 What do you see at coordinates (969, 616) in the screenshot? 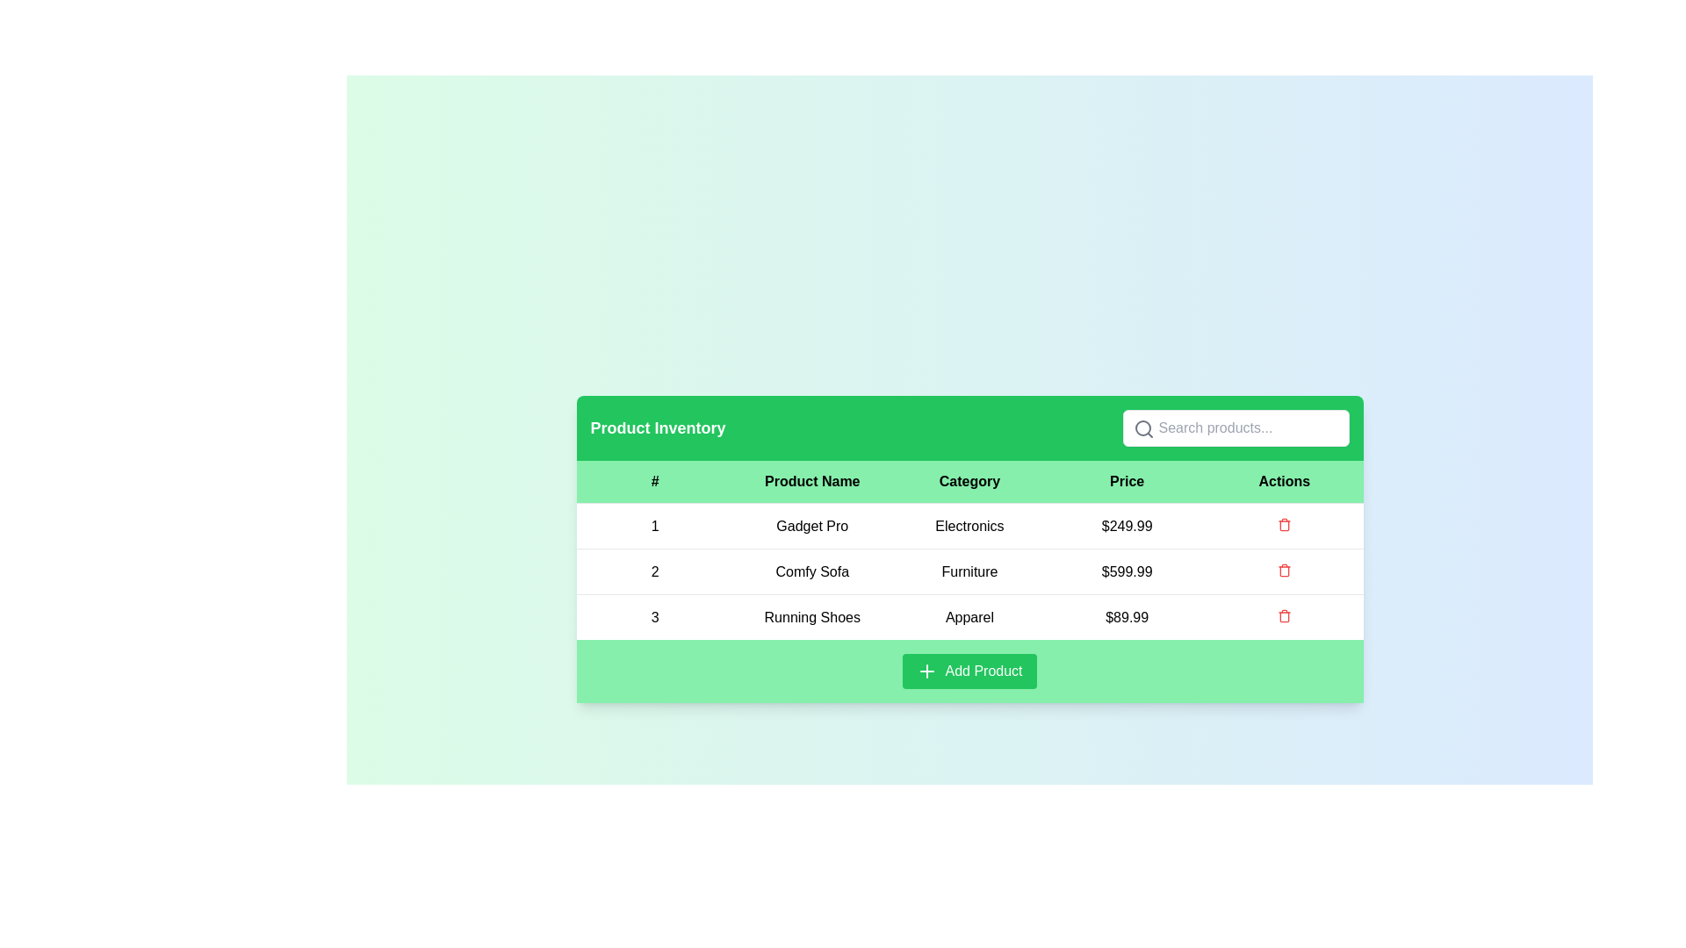
I see `the non-interactive Text label indicating the category of the product item in the third row of the table under the 'Category' column` at bounding box center [969, 616].